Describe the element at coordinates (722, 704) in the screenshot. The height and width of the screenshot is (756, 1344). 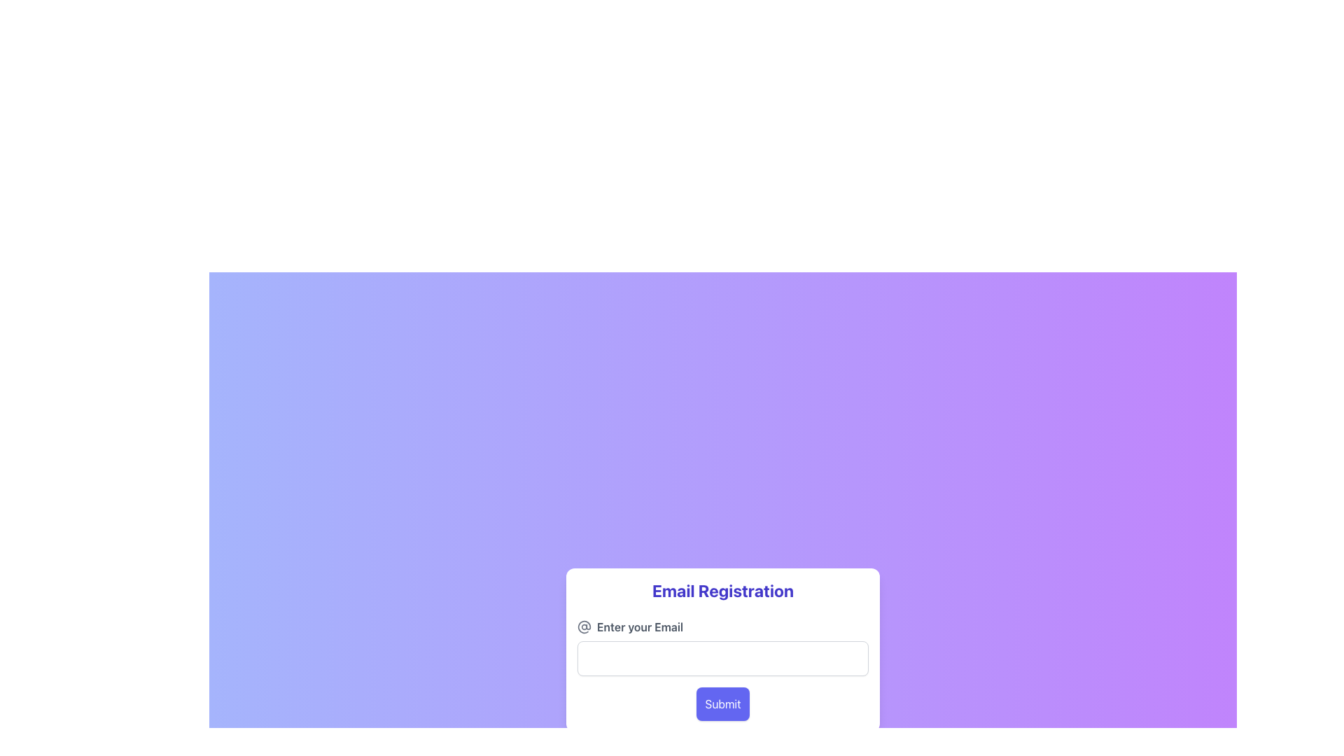
I see `the 'Submit' button with an indigo background` at that location.